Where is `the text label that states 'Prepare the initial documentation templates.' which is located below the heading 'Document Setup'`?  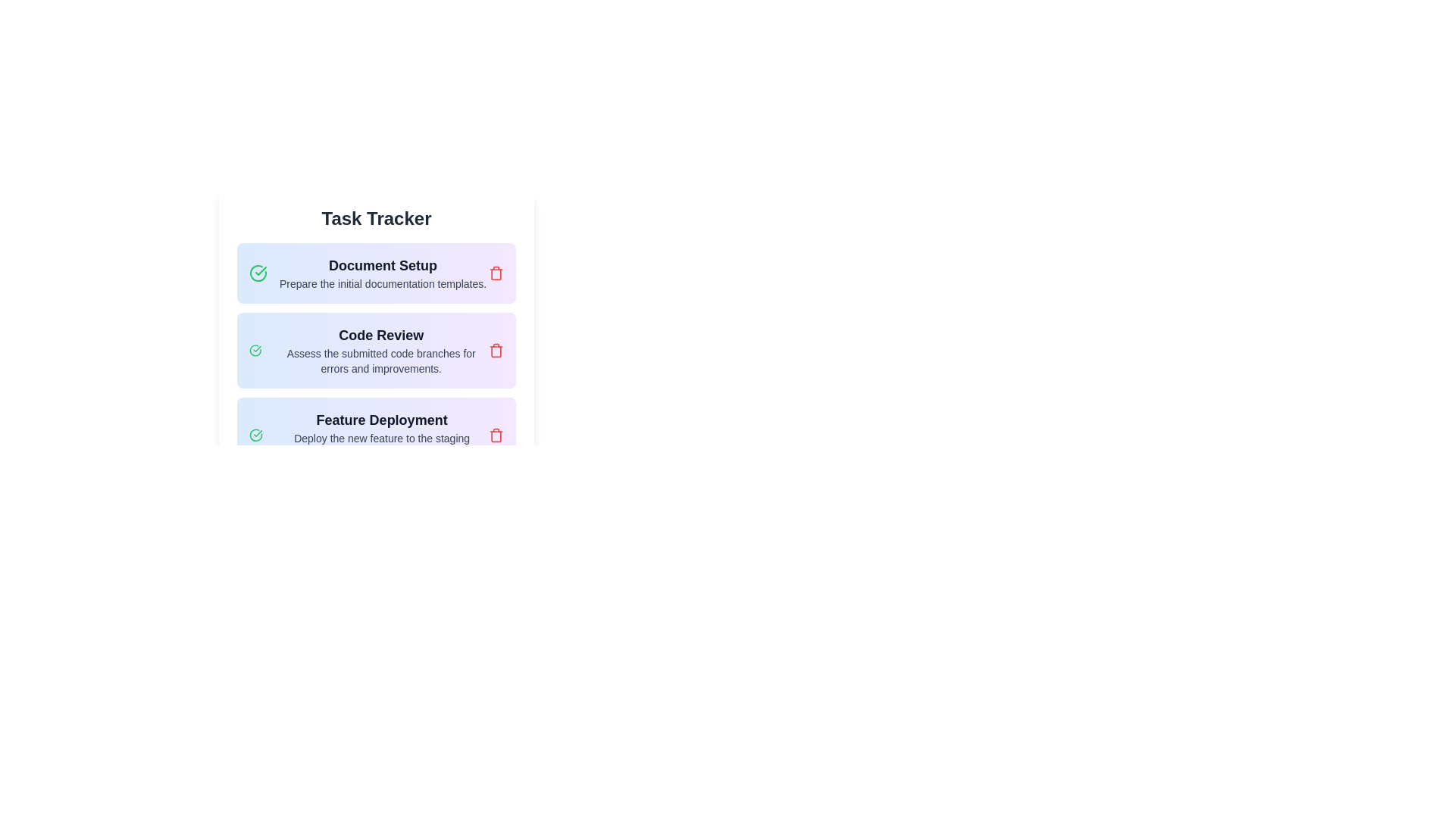
the text label that states 'Prepare the initial documentation templates.' which is located below the heading 'Document Setup' is located at coordinates (383, 283).